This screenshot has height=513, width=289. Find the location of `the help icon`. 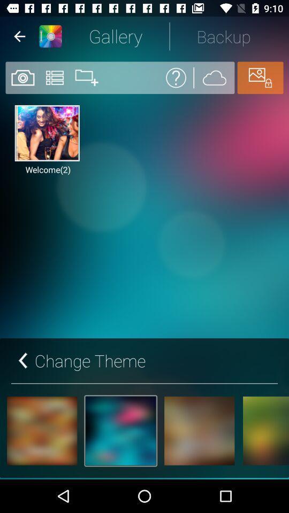

the help icon is located at coordinates (176, 77).